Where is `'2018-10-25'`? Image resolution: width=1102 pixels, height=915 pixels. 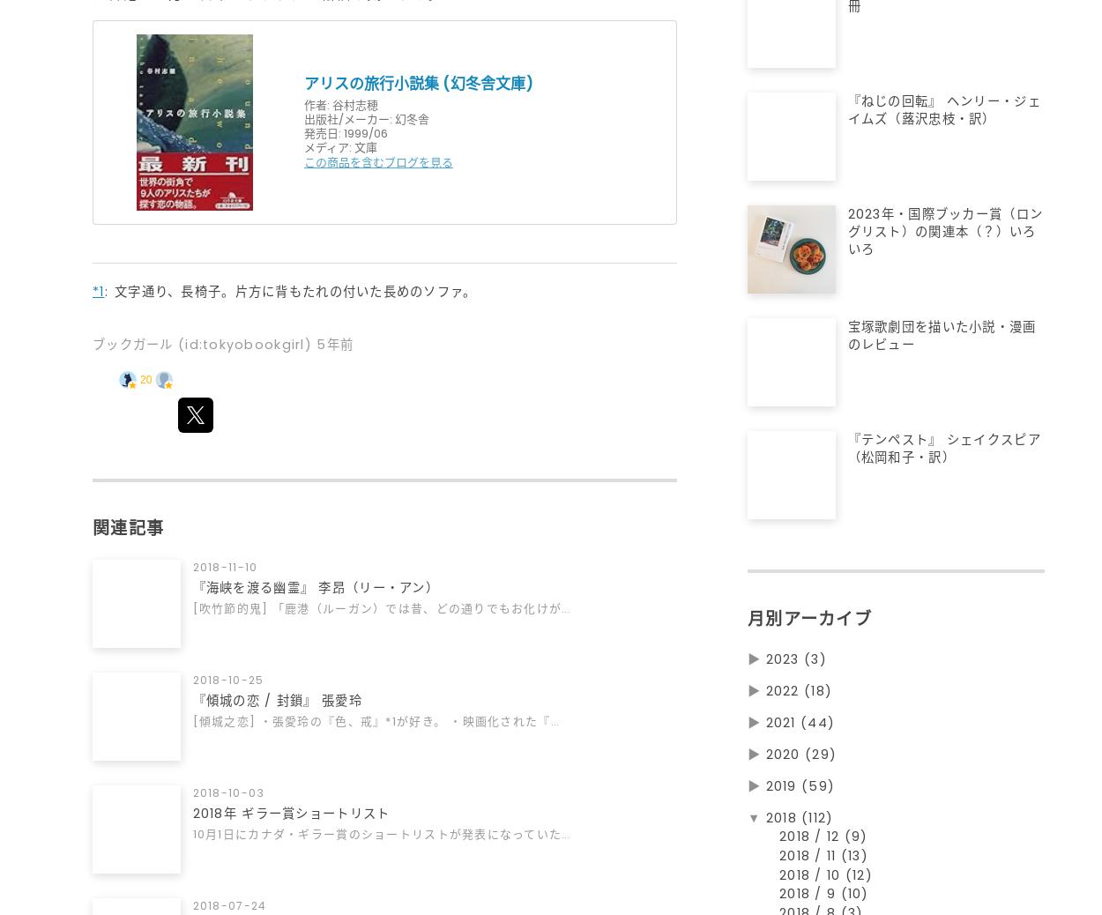 '2018-10-25' is located at coordinates (192, 680).